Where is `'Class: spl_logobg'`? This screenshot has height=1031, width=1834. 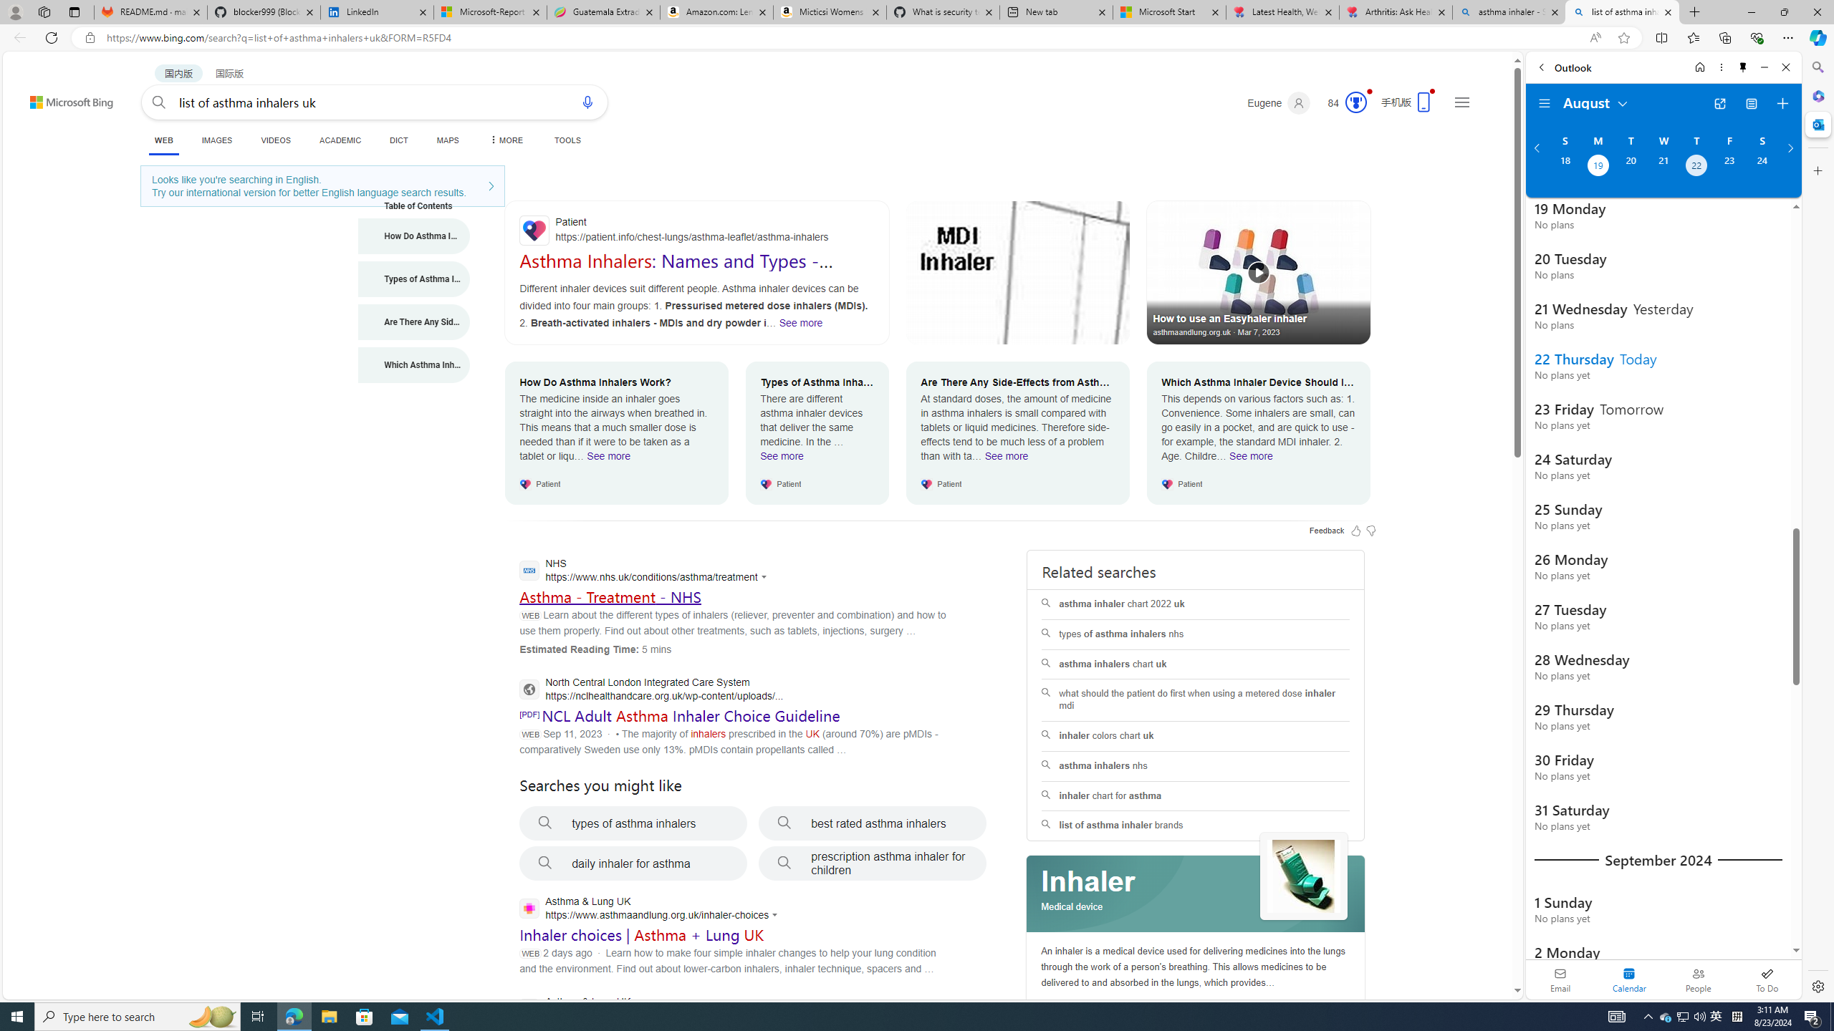 'Class: spl_logobg' is located at coordinates (1196, 894).